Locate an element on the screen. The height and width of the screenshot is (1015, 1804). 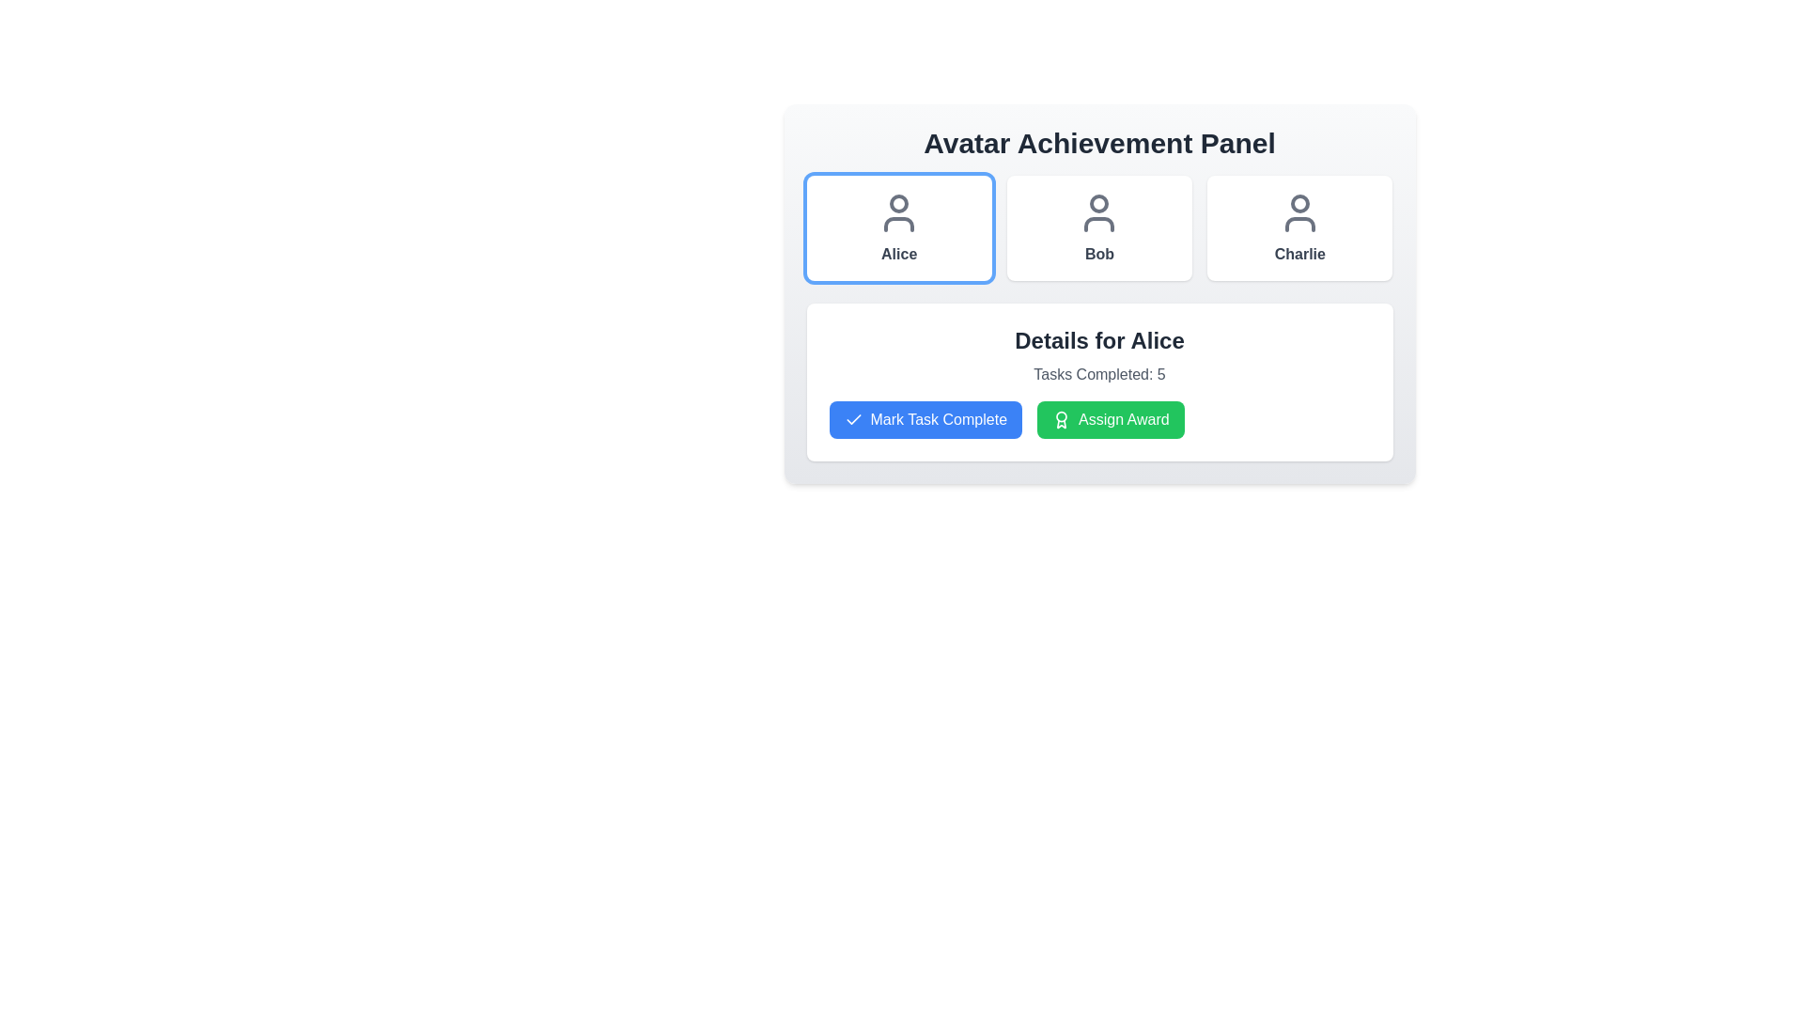
the green button labeled 'Assign Award' to assign an award located in the 'Details for Alice' section, directly below 'Tasks Completed: 5' is located at coordinates (1099, 419).